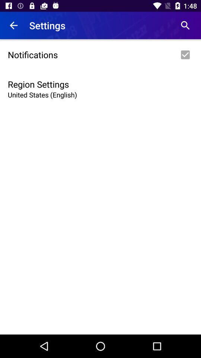 Image resolution: width=201 pixels, height=358 pixels. I want to click on the app to the left of settings icon, so click(13, 25).